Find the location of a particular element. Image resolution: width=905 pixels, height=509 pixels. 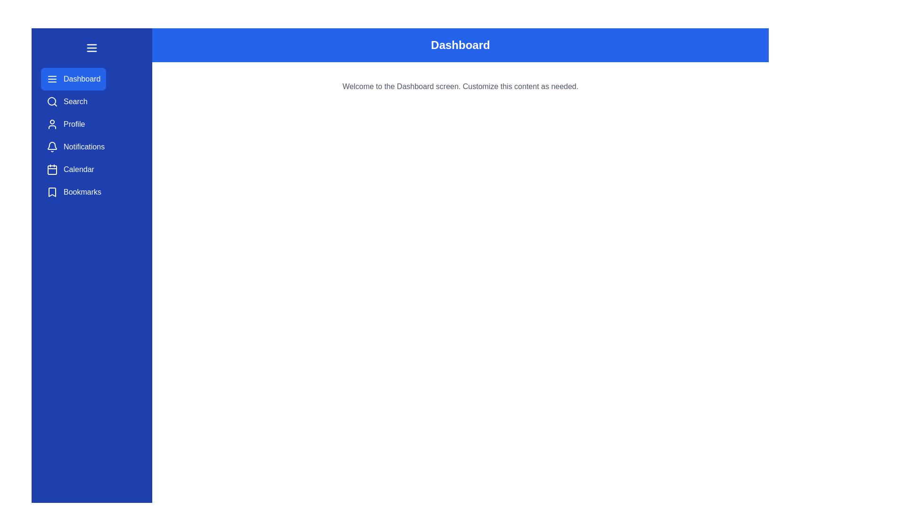

the user silhouette icon in the sidebar navigation menu is located at coordinates (51, 123).